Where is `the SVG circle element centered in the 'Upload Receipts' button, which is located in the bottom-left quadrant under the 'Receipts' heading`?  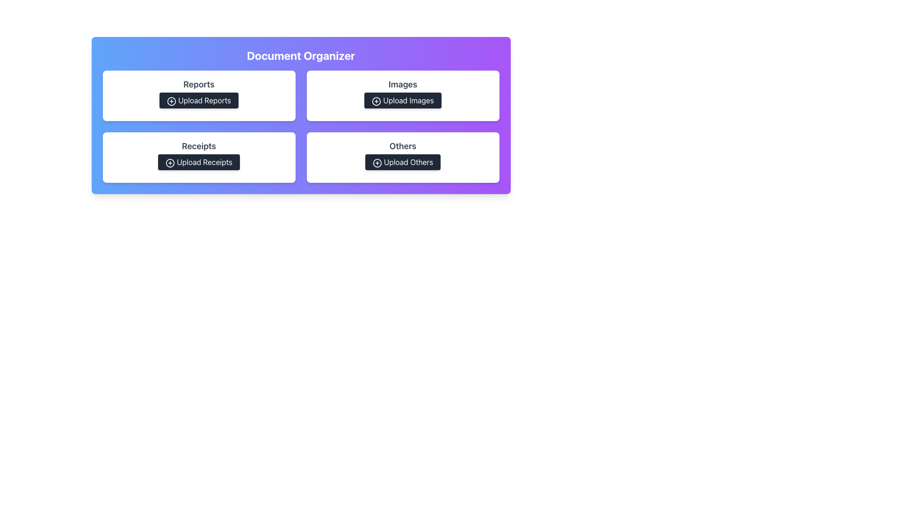 the SVG circle element centered in the 'Upload Receipts' button, which is located in the bottom-left quadrant under the 'Receipts' heading is located at coordinates (170, 162).